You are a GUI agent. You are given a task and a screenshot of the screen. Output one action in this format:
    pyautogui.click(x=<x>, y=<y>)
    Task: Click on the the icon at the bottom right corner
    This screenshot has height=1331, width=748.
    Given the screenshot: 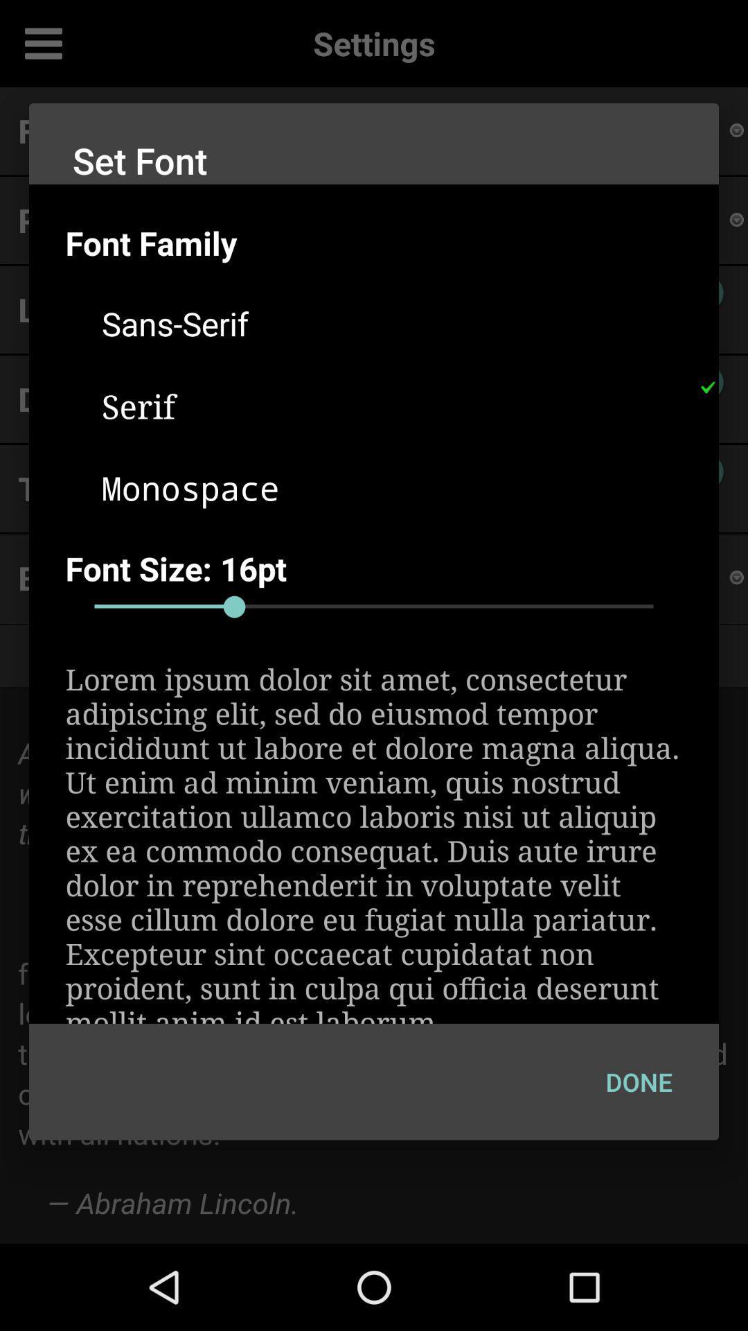 What is the action you would take?
    pyautogui.click(x=639, y=1081)
    